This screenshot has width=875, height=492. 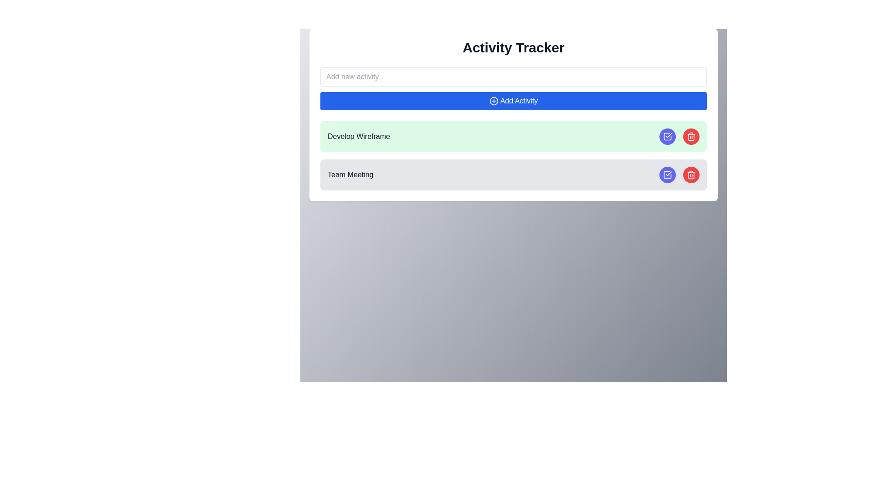 I want to click on the icon within the rounded circular button on the right-hand side of the 'Team Meeting' list item to mark the task as completed, so click(x=667, y=175).